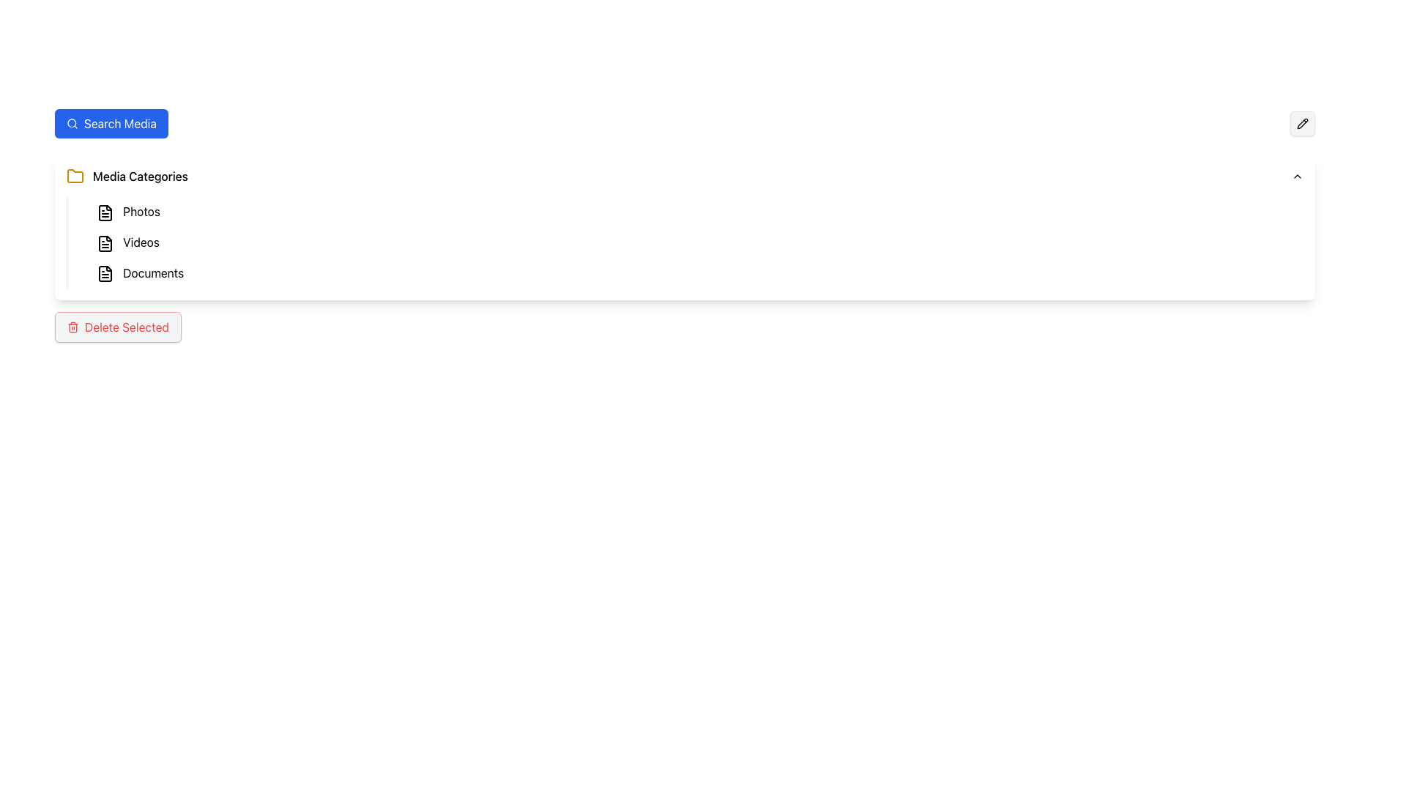  What do you see at coordinates (72, 327) in the screenshot?
I see `the deletion icon located to the left of the 'Delete Selected' button at the bottom of the interface` at bounding box center [72, 327].